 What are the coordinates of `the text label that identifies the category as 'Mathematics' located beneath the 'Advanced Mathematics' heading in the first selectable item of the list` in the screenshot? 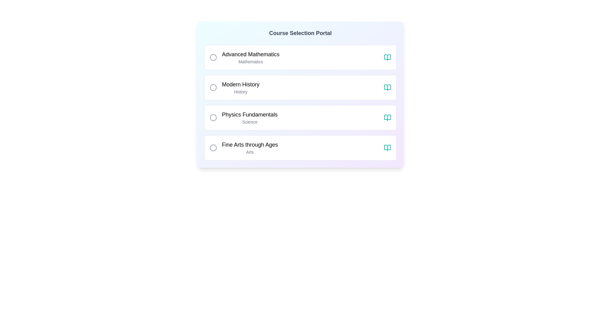 It's located at (251, 61).